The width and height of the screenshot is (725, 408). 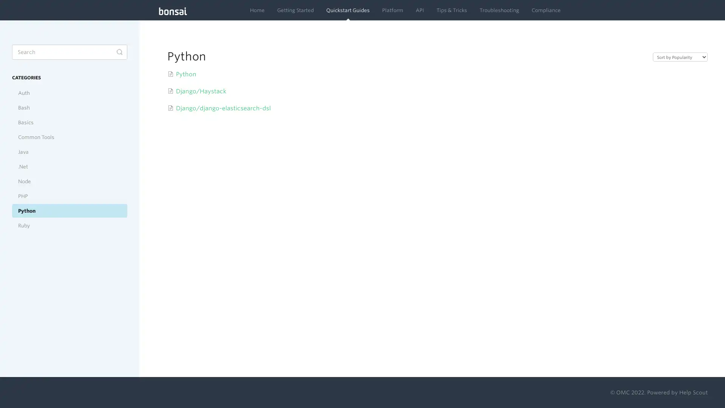 What do you see at coordinates (119, 52) in the screenshot?
I see `Toggle Search` at bounding box center [119, 52].